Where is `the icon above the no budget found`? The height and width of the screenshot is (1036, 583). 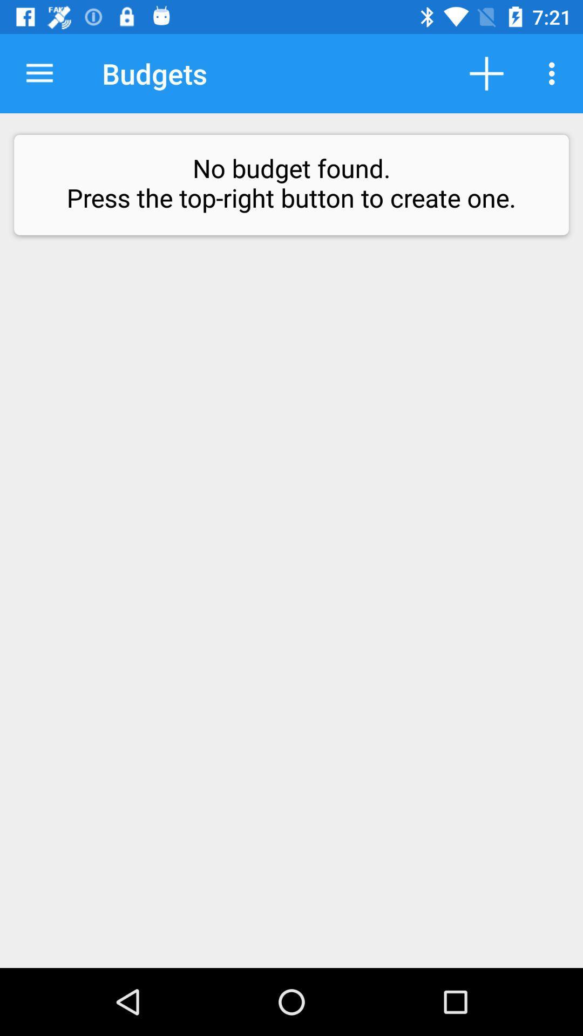 the icon above the no budget found is located at coordinates (39, 73).